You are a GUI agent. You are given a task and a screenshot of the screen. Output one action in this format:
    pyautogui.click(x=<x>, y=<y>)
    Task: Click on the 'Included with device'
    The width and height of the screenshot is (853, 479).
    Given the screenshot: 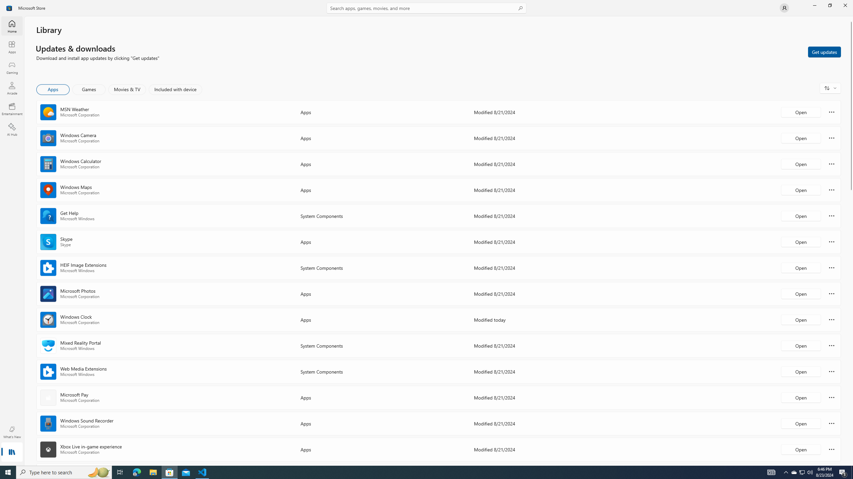 What is the action you would take?
    pyautogui.click(x=175, y=89)
    